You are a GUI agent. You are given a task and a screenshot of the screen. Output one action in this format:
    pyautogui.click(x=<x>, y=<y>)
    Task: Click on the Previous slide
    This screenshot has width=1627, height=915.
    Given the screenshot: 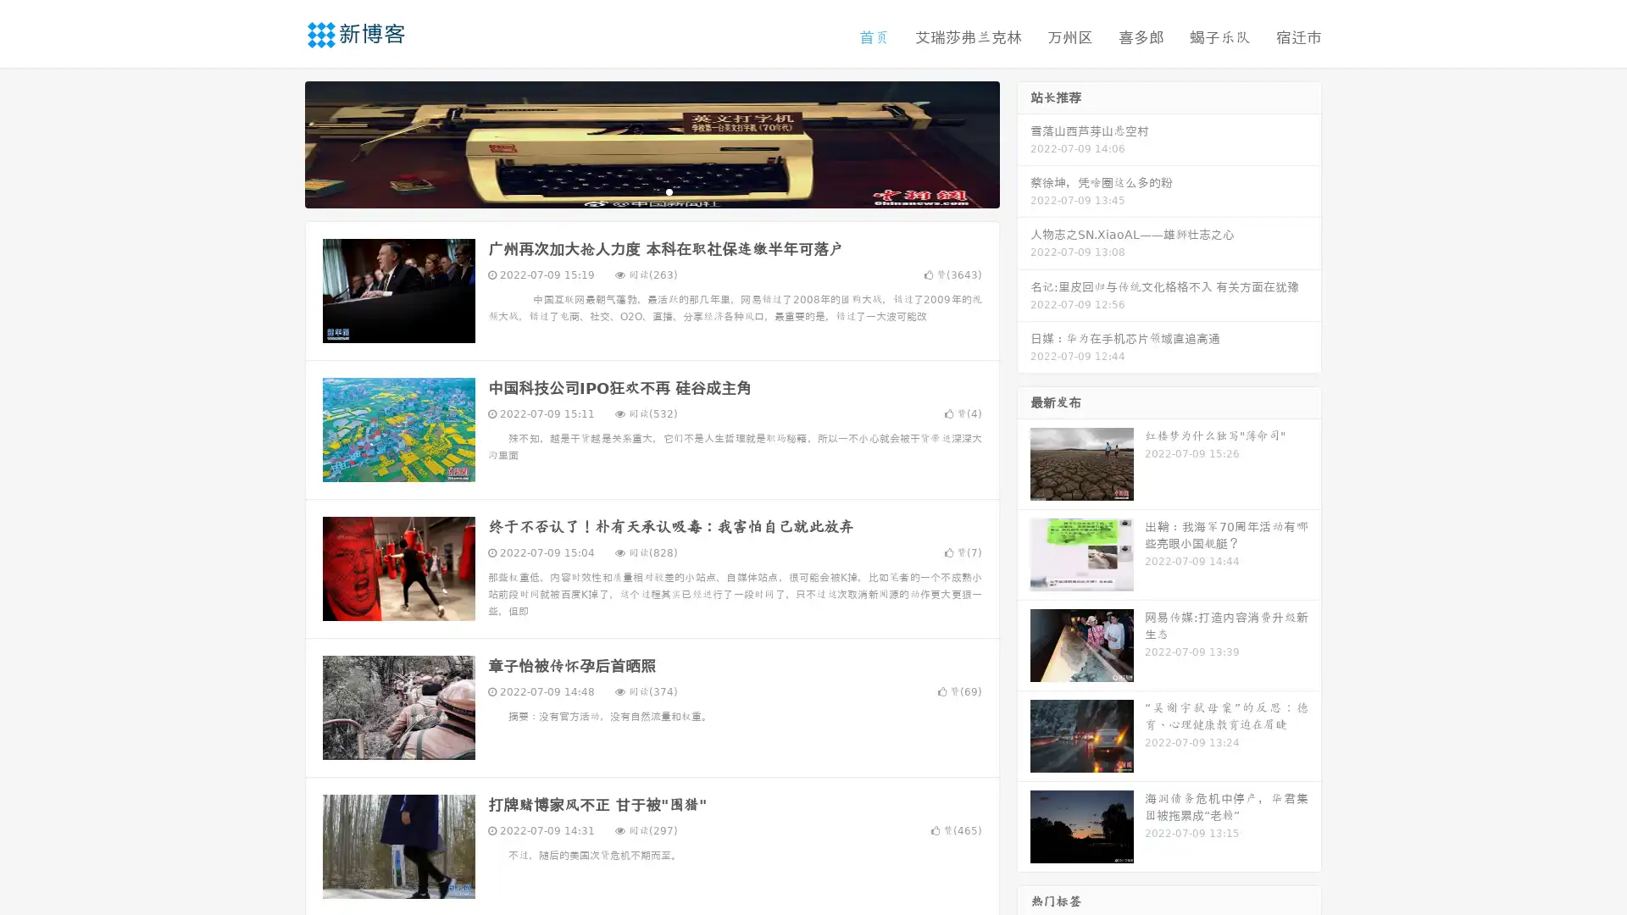 What is the action you would take?
    pyautogui.click(x=280, y=142)
    